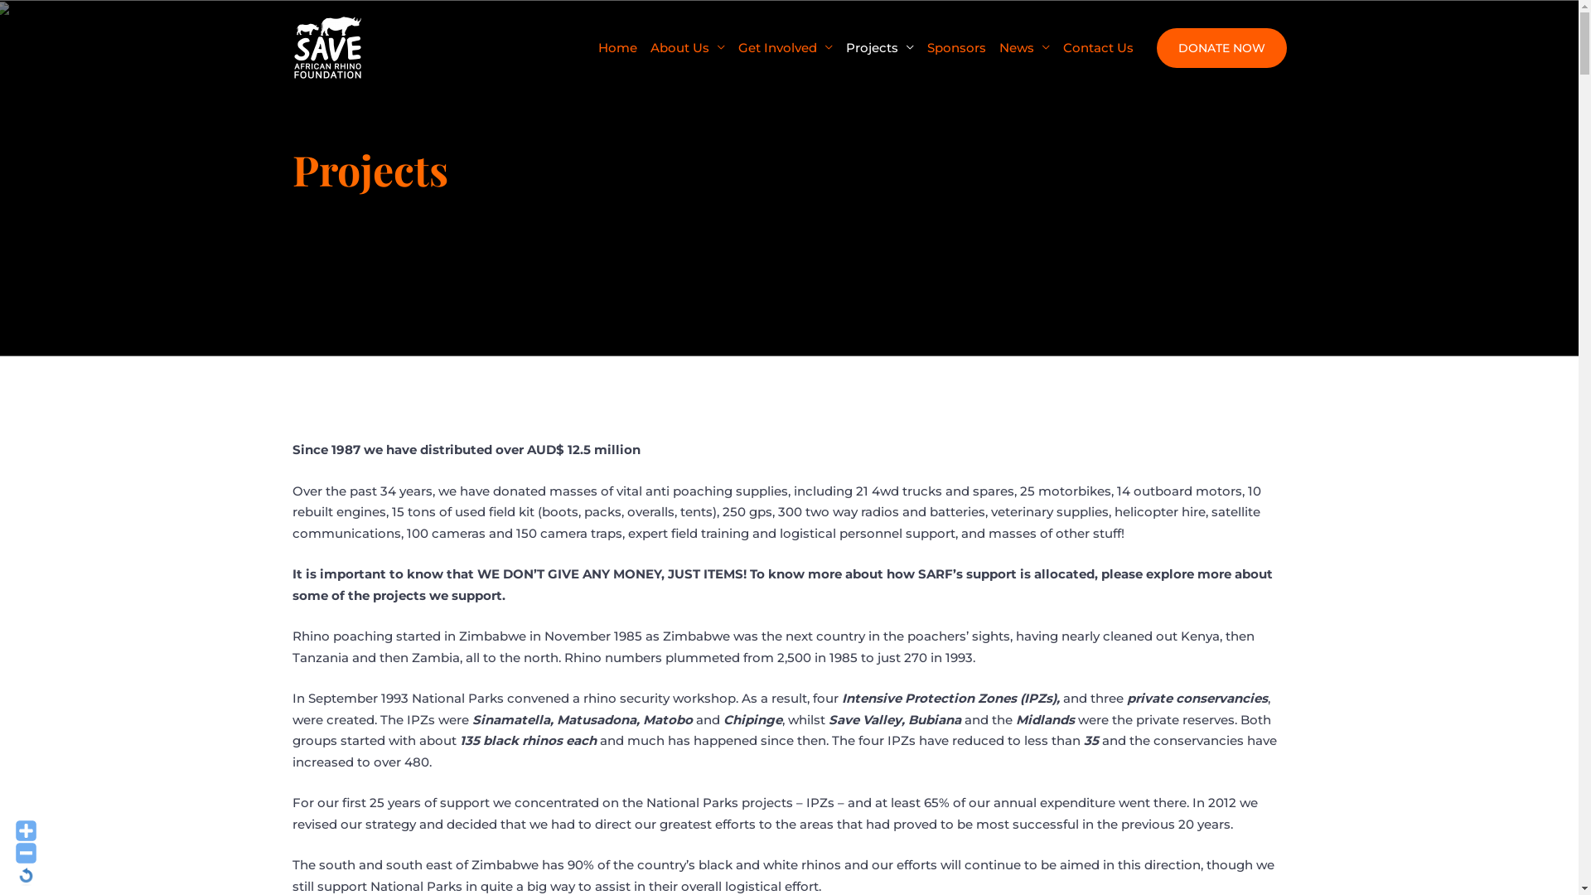  Describe the element at coordinates (617, 46) in the screenshot. I see `'Home'` at that location.